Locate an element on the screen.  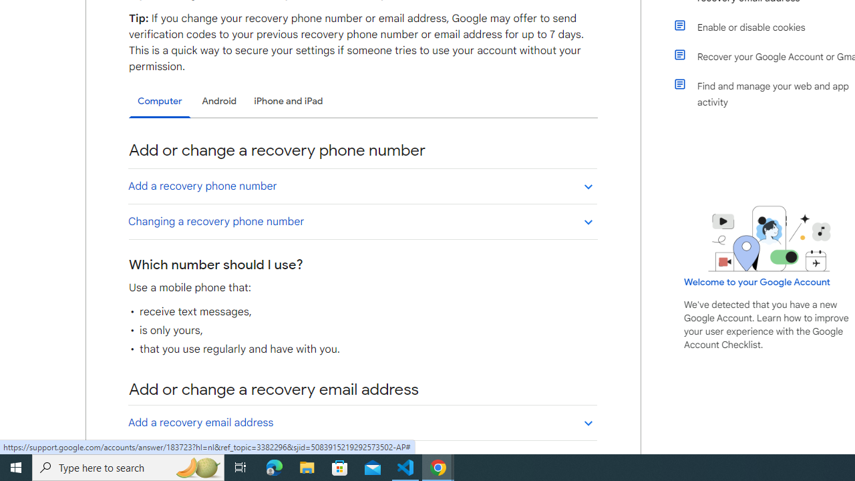
'Add a recovery email address' is located at coordinates (362, 422).